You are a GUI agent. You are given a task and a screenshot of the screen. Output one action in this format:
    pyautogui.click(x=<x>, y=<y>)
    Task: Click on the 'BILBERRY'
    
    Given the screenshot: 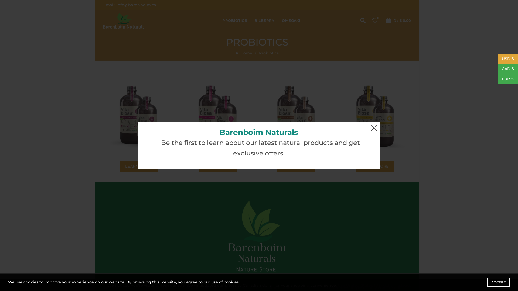 What is the action you would take?
    pyautogui.click(x=264, y=20)
    